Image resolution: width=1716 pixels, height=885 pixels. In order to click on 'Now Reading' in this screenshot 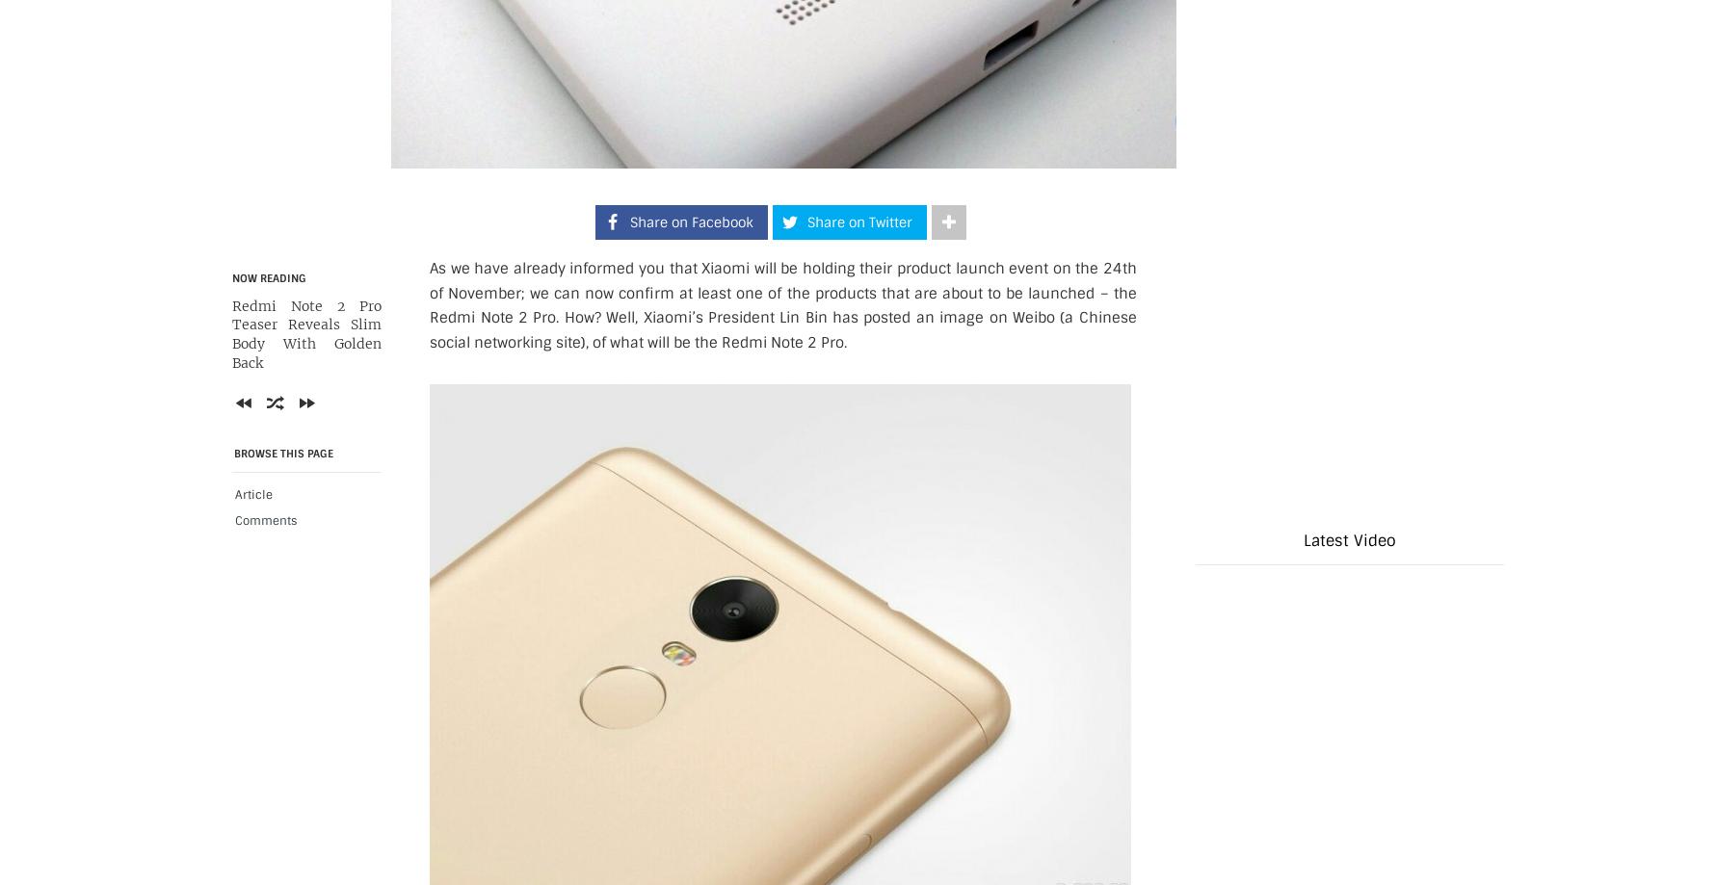, I will do `click(267, 277)`.